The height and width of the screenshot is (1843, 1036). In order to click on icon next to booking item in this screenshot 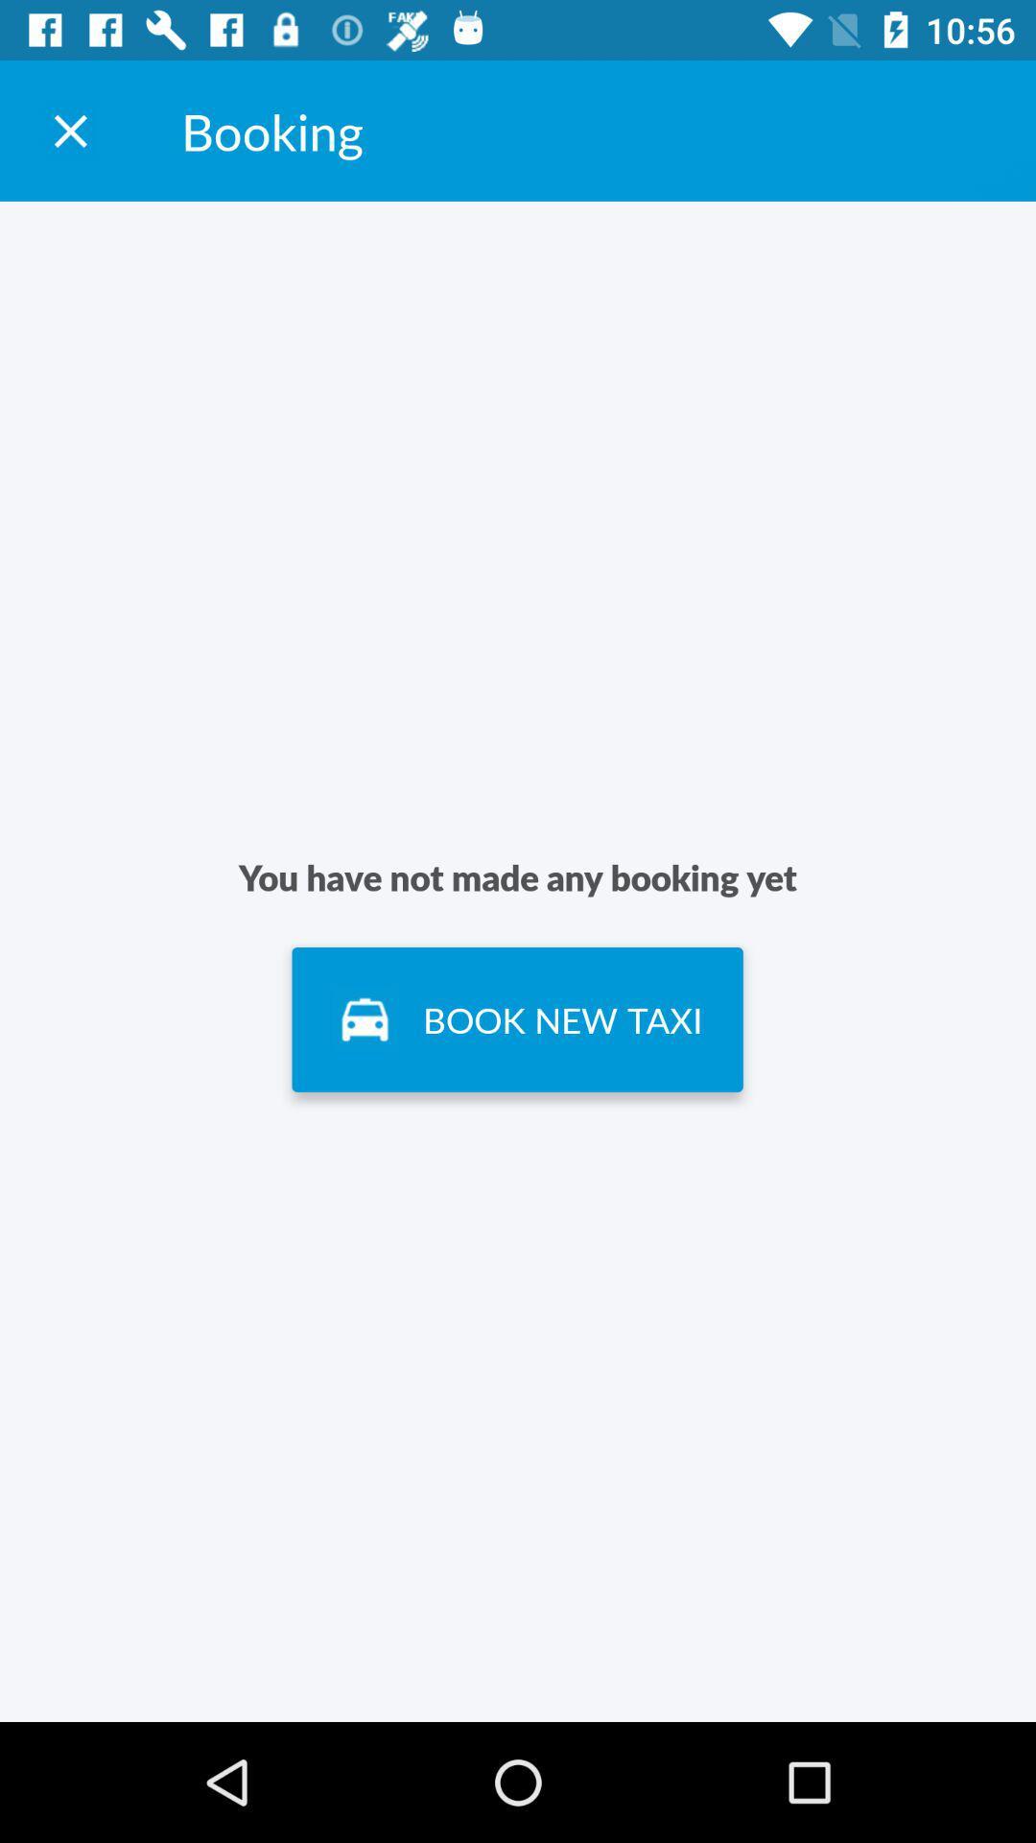, I will do `click(69, 130)`.